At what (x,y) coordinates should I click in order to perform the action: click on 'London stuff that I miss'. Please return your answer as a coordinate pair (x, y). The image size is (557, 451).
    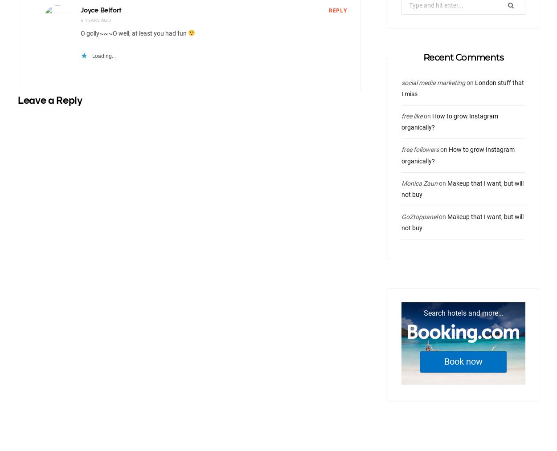
    Looking at the image, I should click on (463, 88).